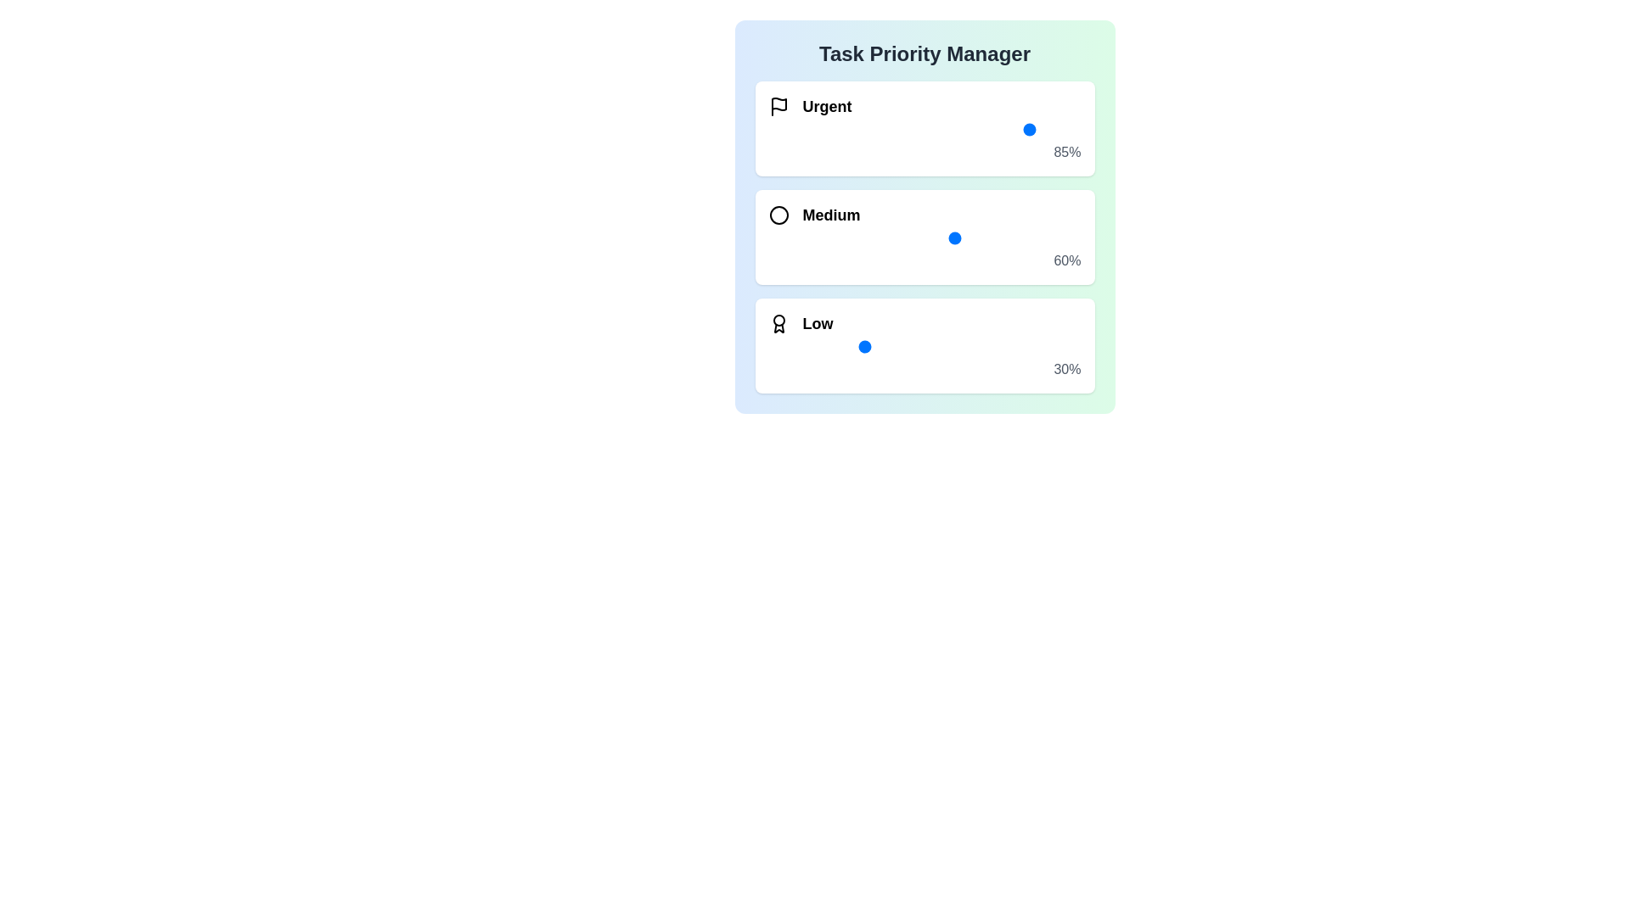 The height and width of the screenshot is (916, 1630). What do you see at coordinates (924, 215) in the screenshot?
I see `the background of the Task Priority Manager component to check for additional functionality` at bounding box center [924, 215].